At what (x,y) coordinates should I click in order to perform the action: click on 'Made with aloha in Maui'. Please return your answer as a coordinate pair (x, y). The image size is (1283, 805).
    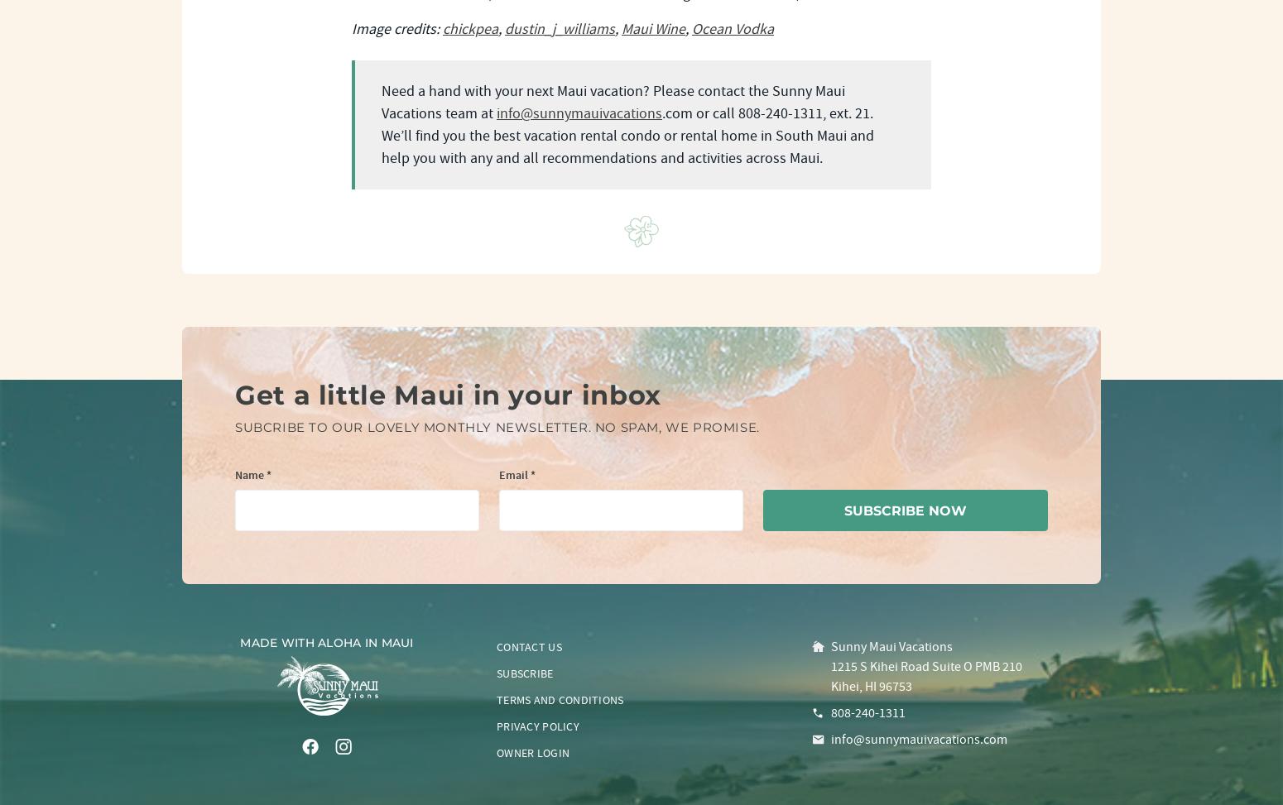
    Looking at the image, I should click on (240, 640).